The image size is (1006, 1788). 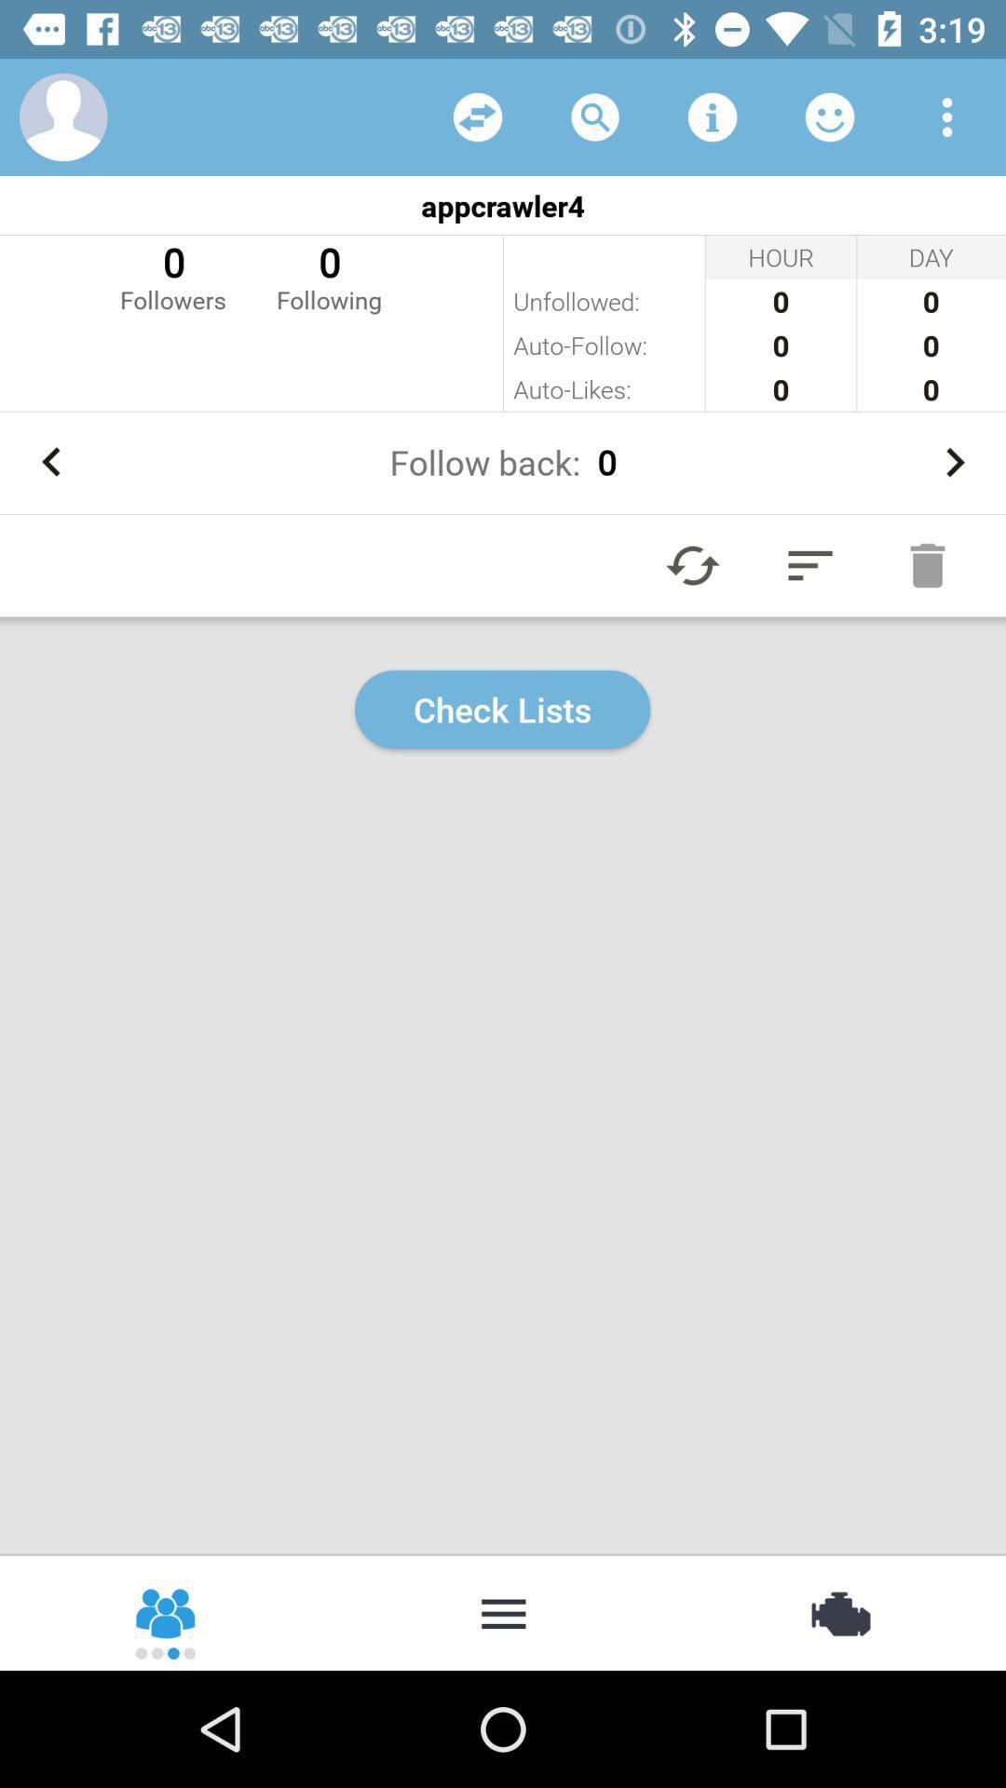 I want to click on information button, so click(x=712, y=115).